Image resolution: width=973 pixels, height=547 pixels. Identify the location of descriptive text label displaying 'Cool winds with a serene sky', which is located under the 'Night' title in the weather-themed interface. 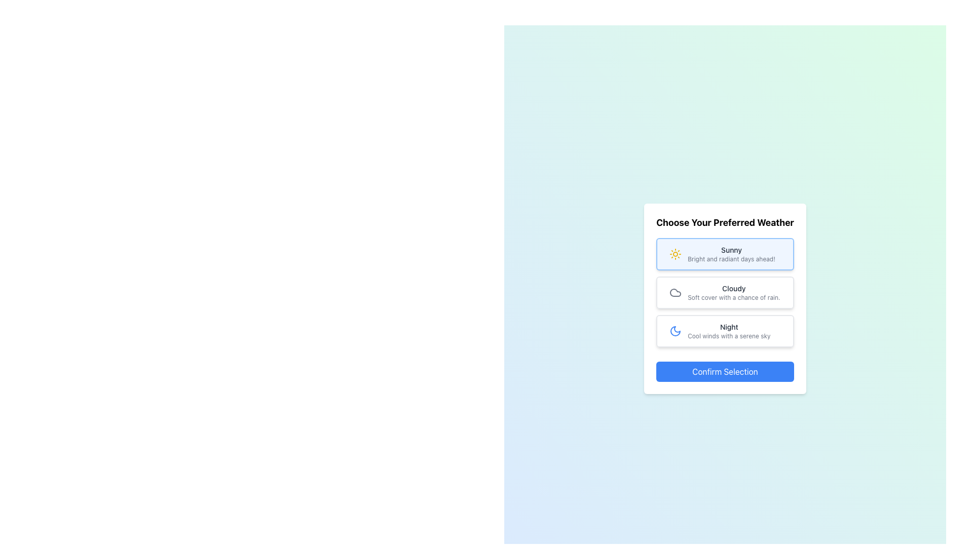
(728, 336).